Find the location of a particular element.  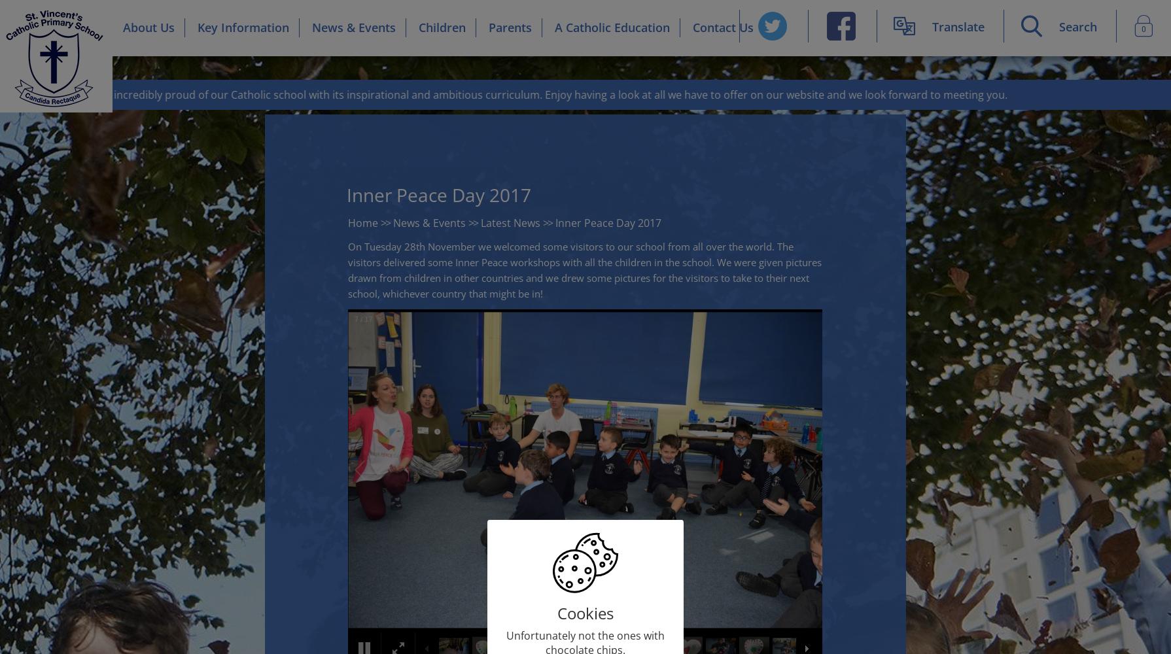

'Home' is located at coordinates (347, 222).